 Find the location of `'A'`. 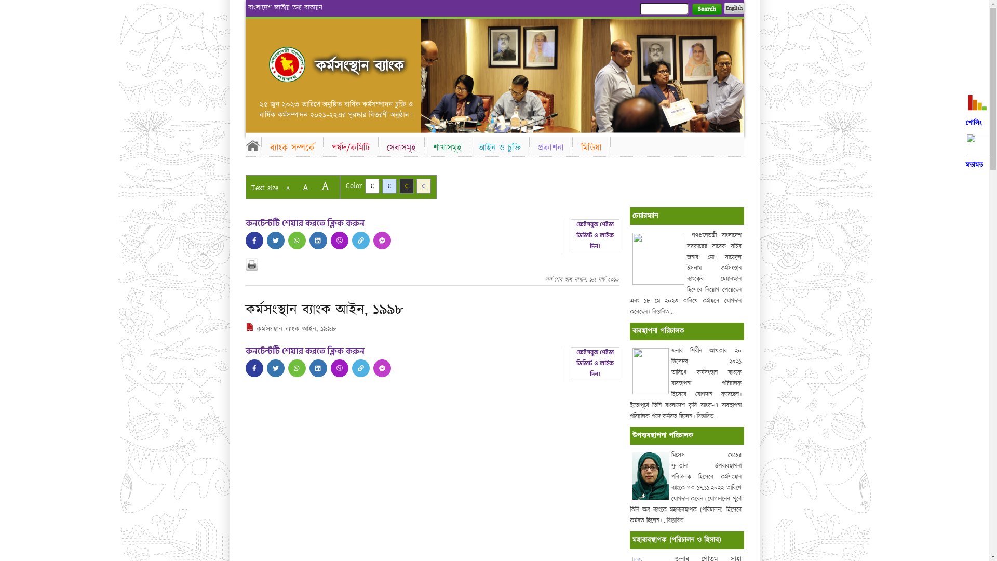

'A' is located at coordinates (280, 188).